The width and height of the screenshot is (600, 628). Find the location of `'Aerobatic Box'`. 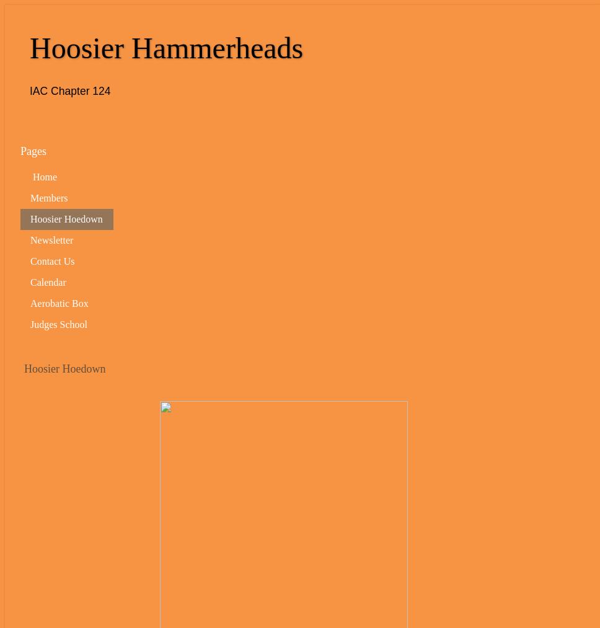

'Aerobatic Box' is located at coordinates (59, 302).